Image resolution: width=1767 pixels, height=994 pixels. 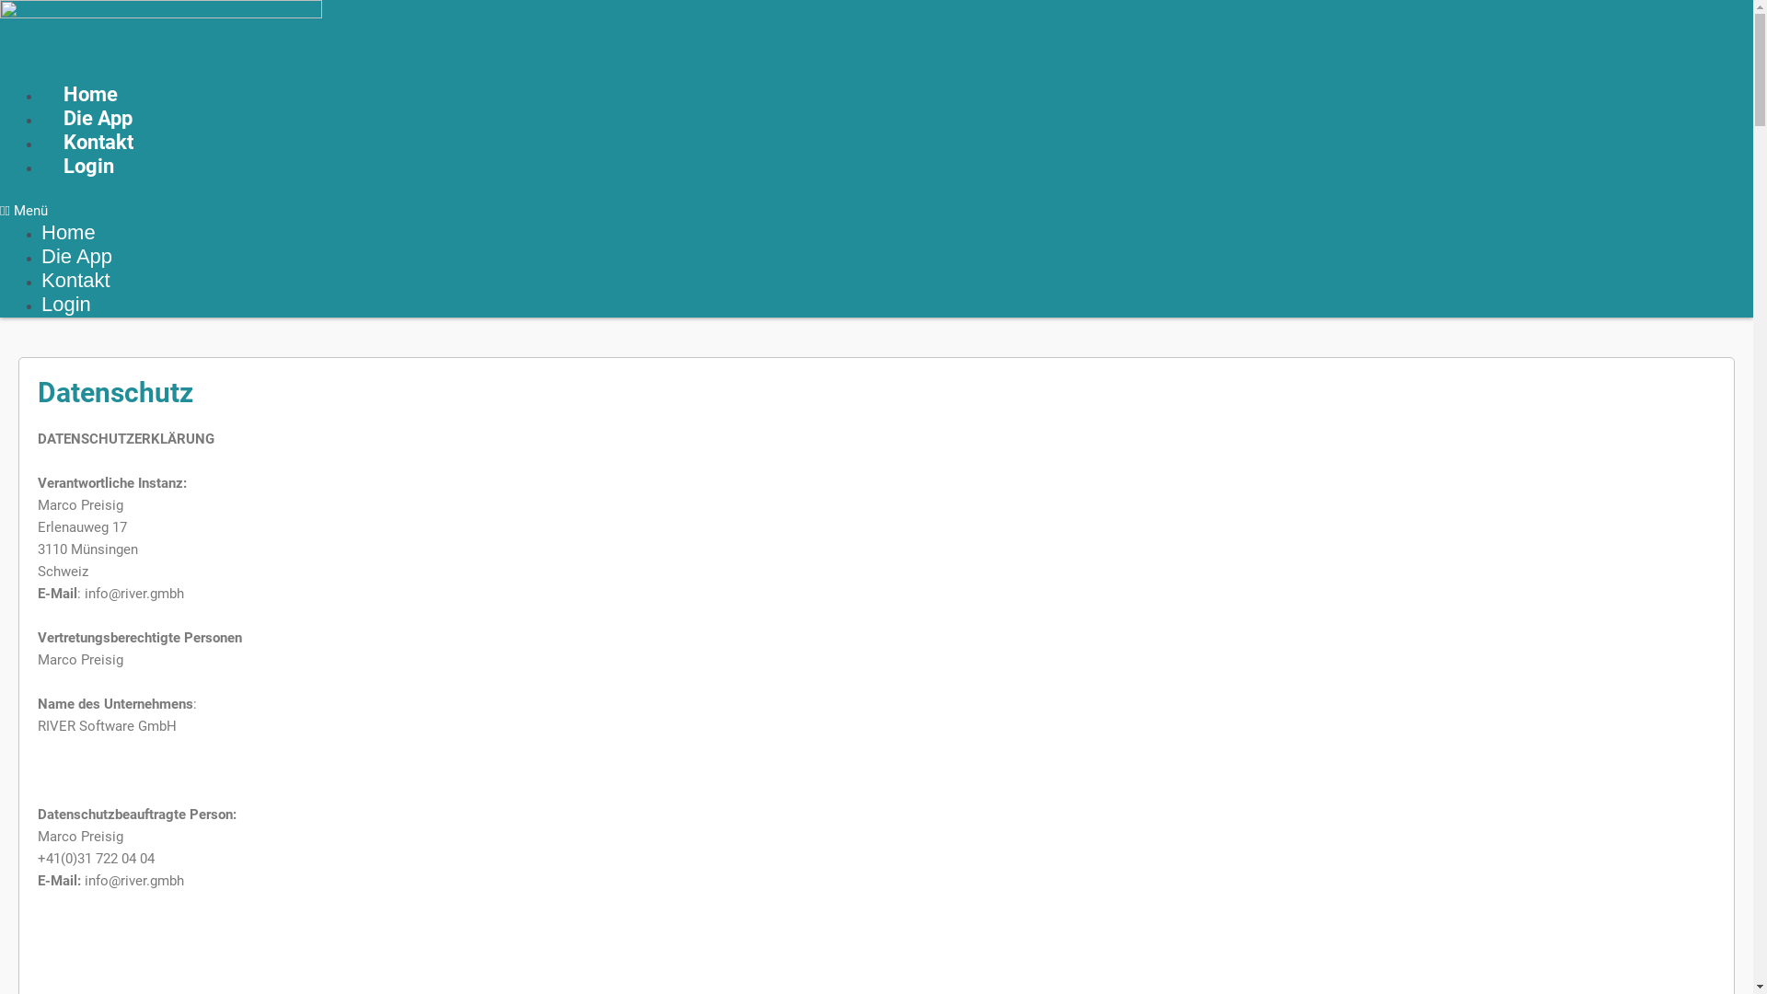 What do you see at coordinates (68, 231) in the screenshot?
I see `'Home'` at bounding box center [68, 231].